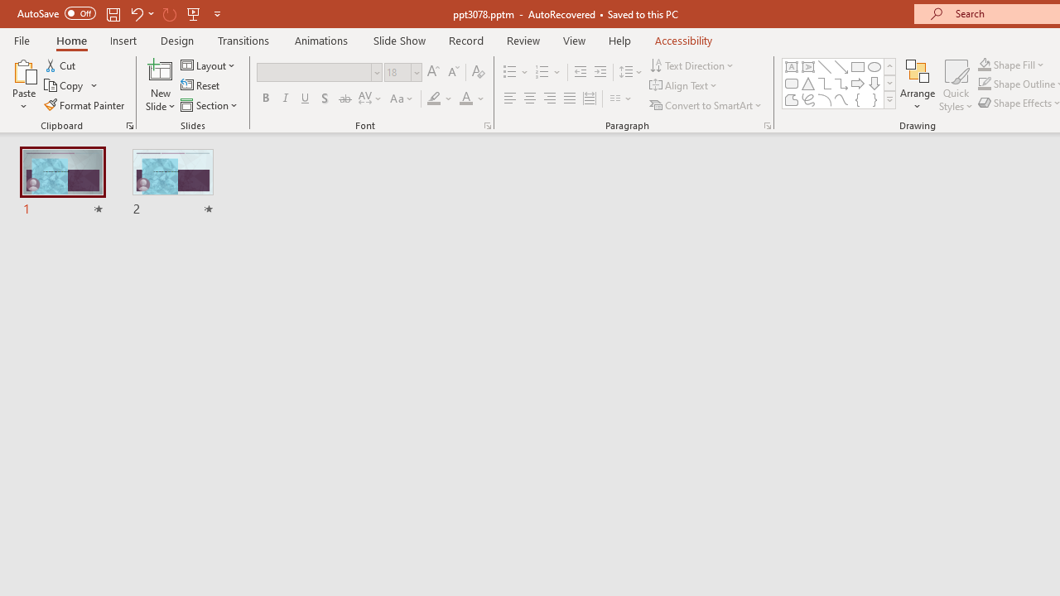 The image size is (1060, 596). I want to click on 'Center', so click(530, 99).